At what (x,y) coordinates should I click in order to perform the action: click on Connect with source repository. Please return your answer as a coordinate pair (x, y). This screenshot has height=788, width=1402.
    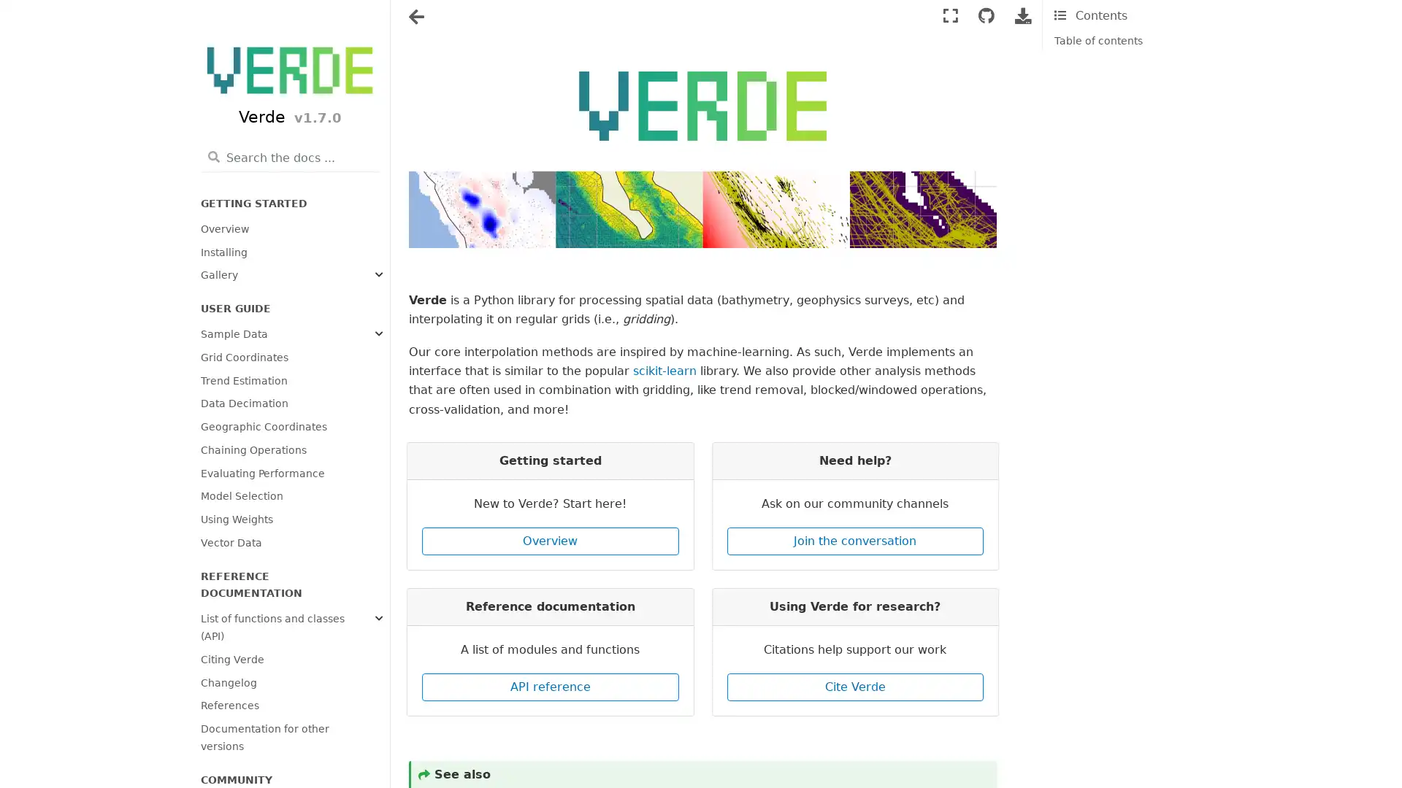
    Looking at the image, I should click on (985, 16).